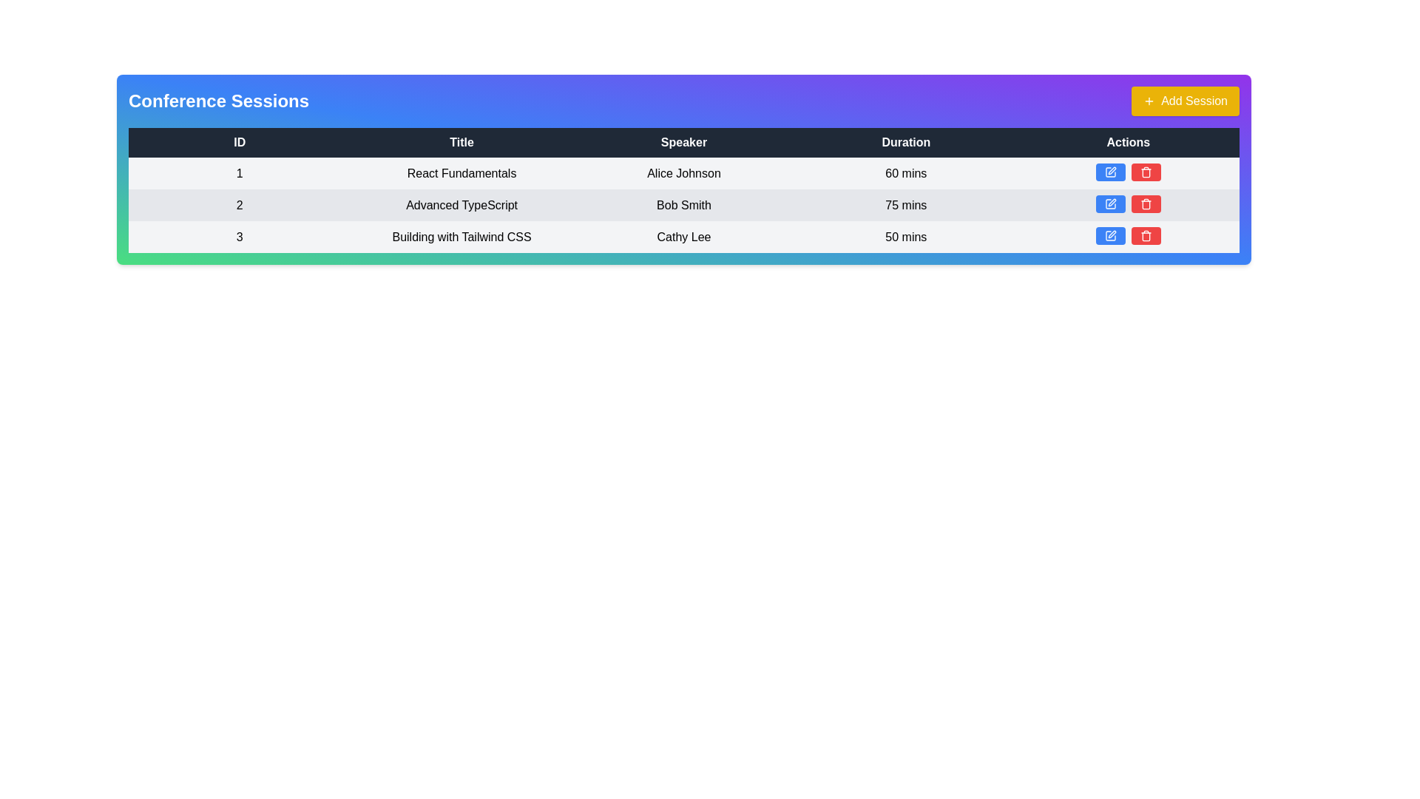  What do you see at coordinates (1110, 171) in the screenshot?
I see `the edit icon button, which is represented by a pen or pencil within a light blue square frame, located in the 'Actions' column of the first row for the 'React Fundamentals' session` at bounding box center [1110, 171].